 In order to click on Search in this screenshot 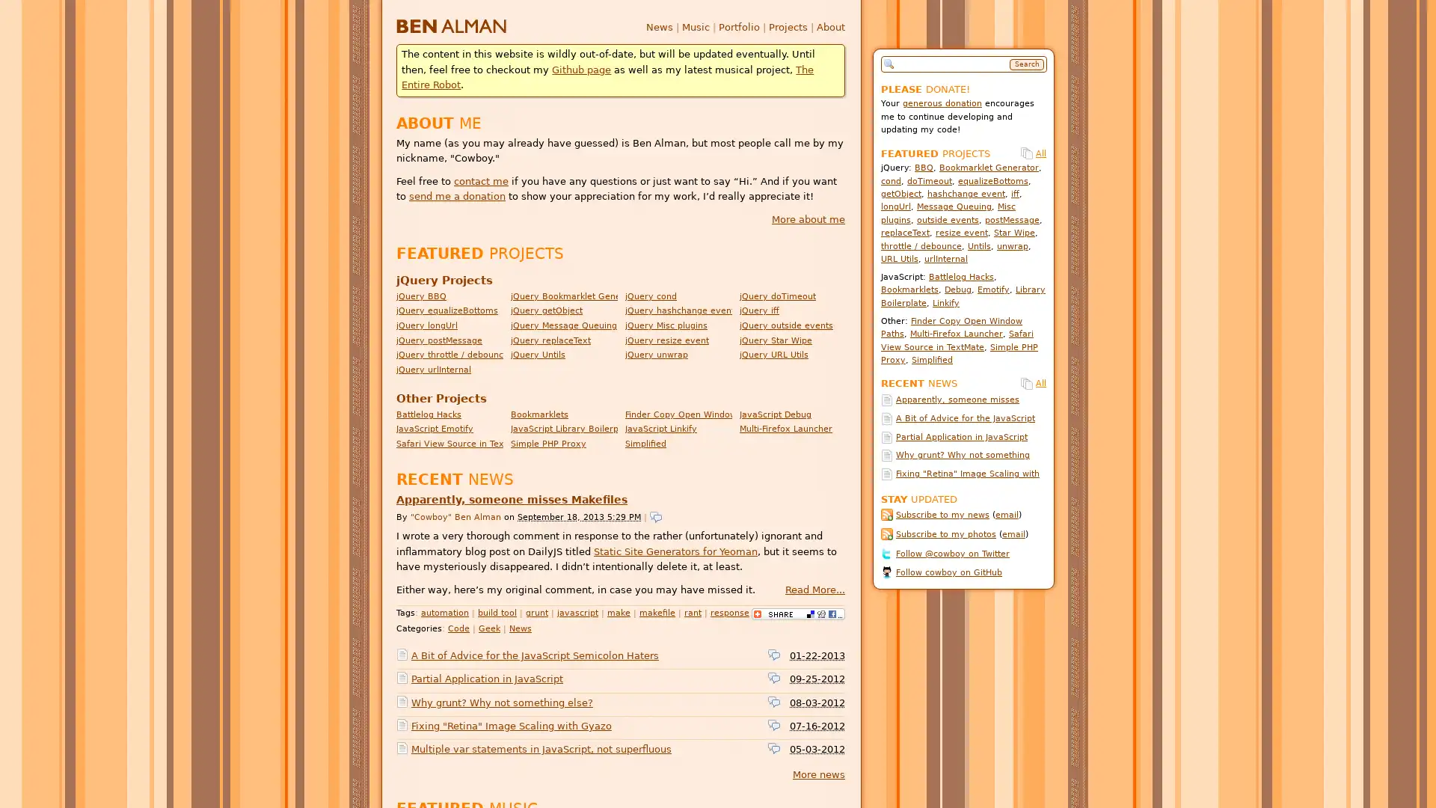, I will do `click(1025, 63)`.